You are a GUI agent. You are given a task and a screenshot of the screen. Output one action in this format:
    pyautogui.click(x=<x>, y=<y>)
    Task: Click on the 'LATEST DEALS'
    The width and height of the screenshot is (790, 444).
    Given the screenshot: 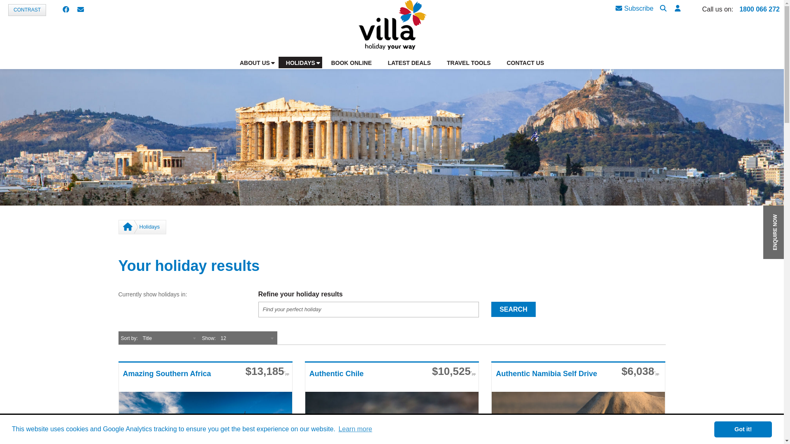 What is the action you would take?
    pyautogui.click(x=380, y=62)
    